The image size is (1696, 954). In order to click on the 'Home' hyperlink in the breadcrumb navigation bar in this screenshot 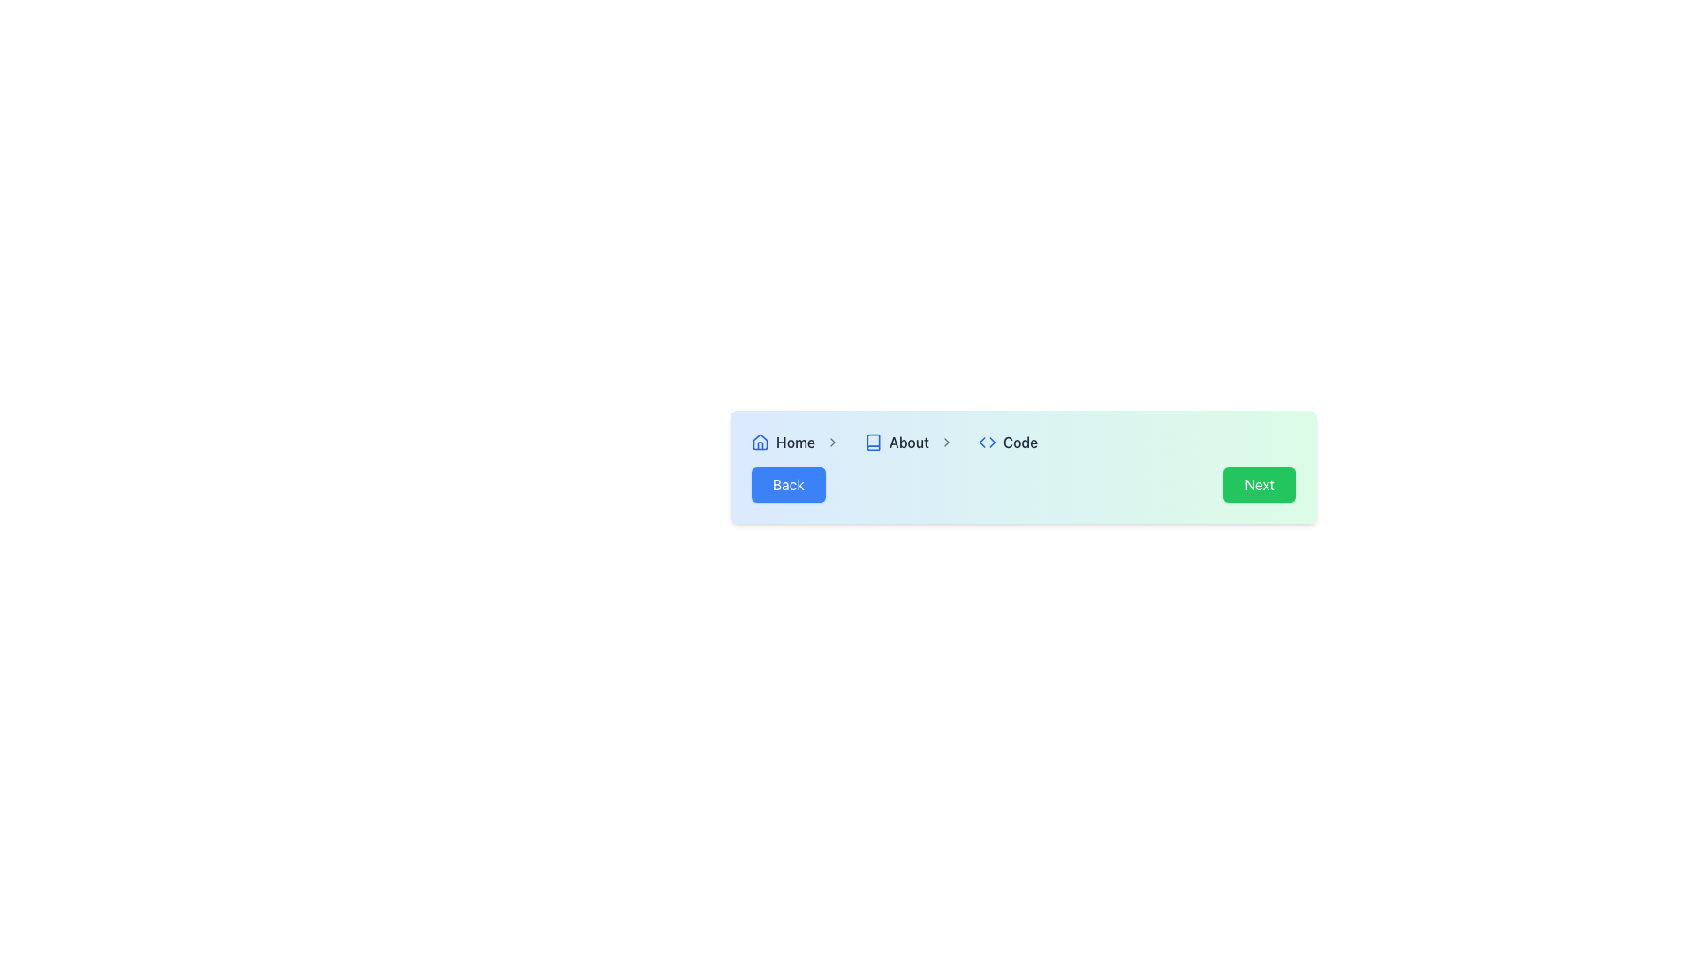, I will do `click(795, 442)`.